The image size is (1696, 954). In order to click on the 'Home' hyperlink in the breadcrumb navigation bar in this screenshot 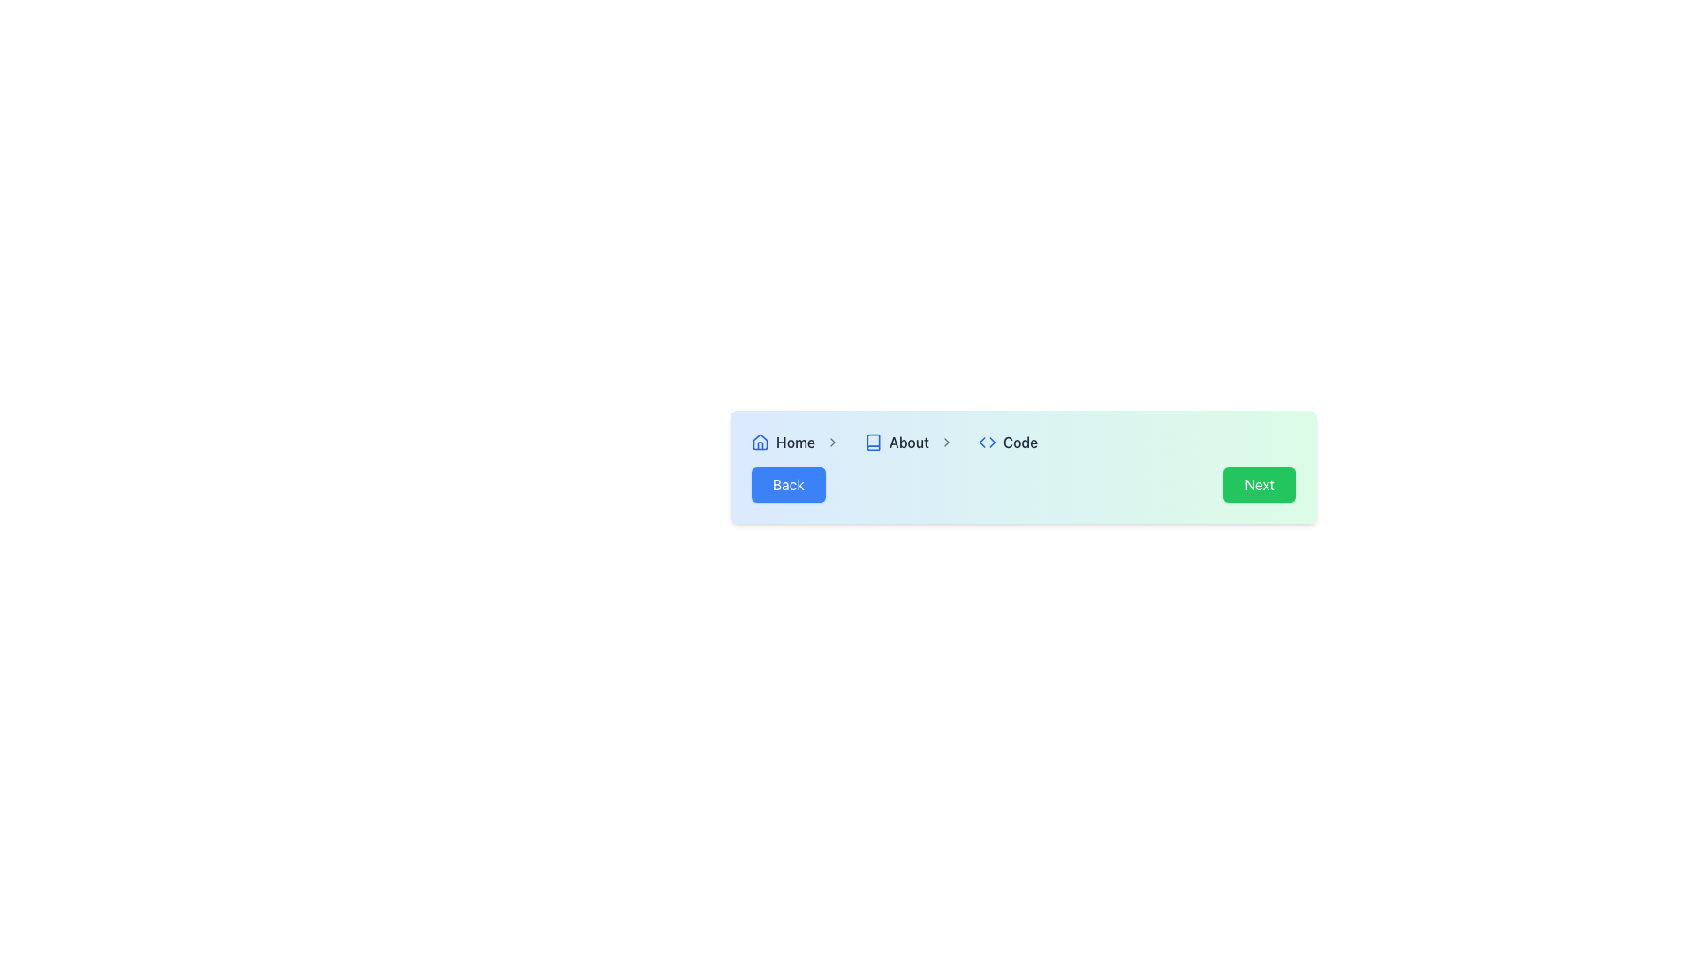, I will do `click(795, 442)`.